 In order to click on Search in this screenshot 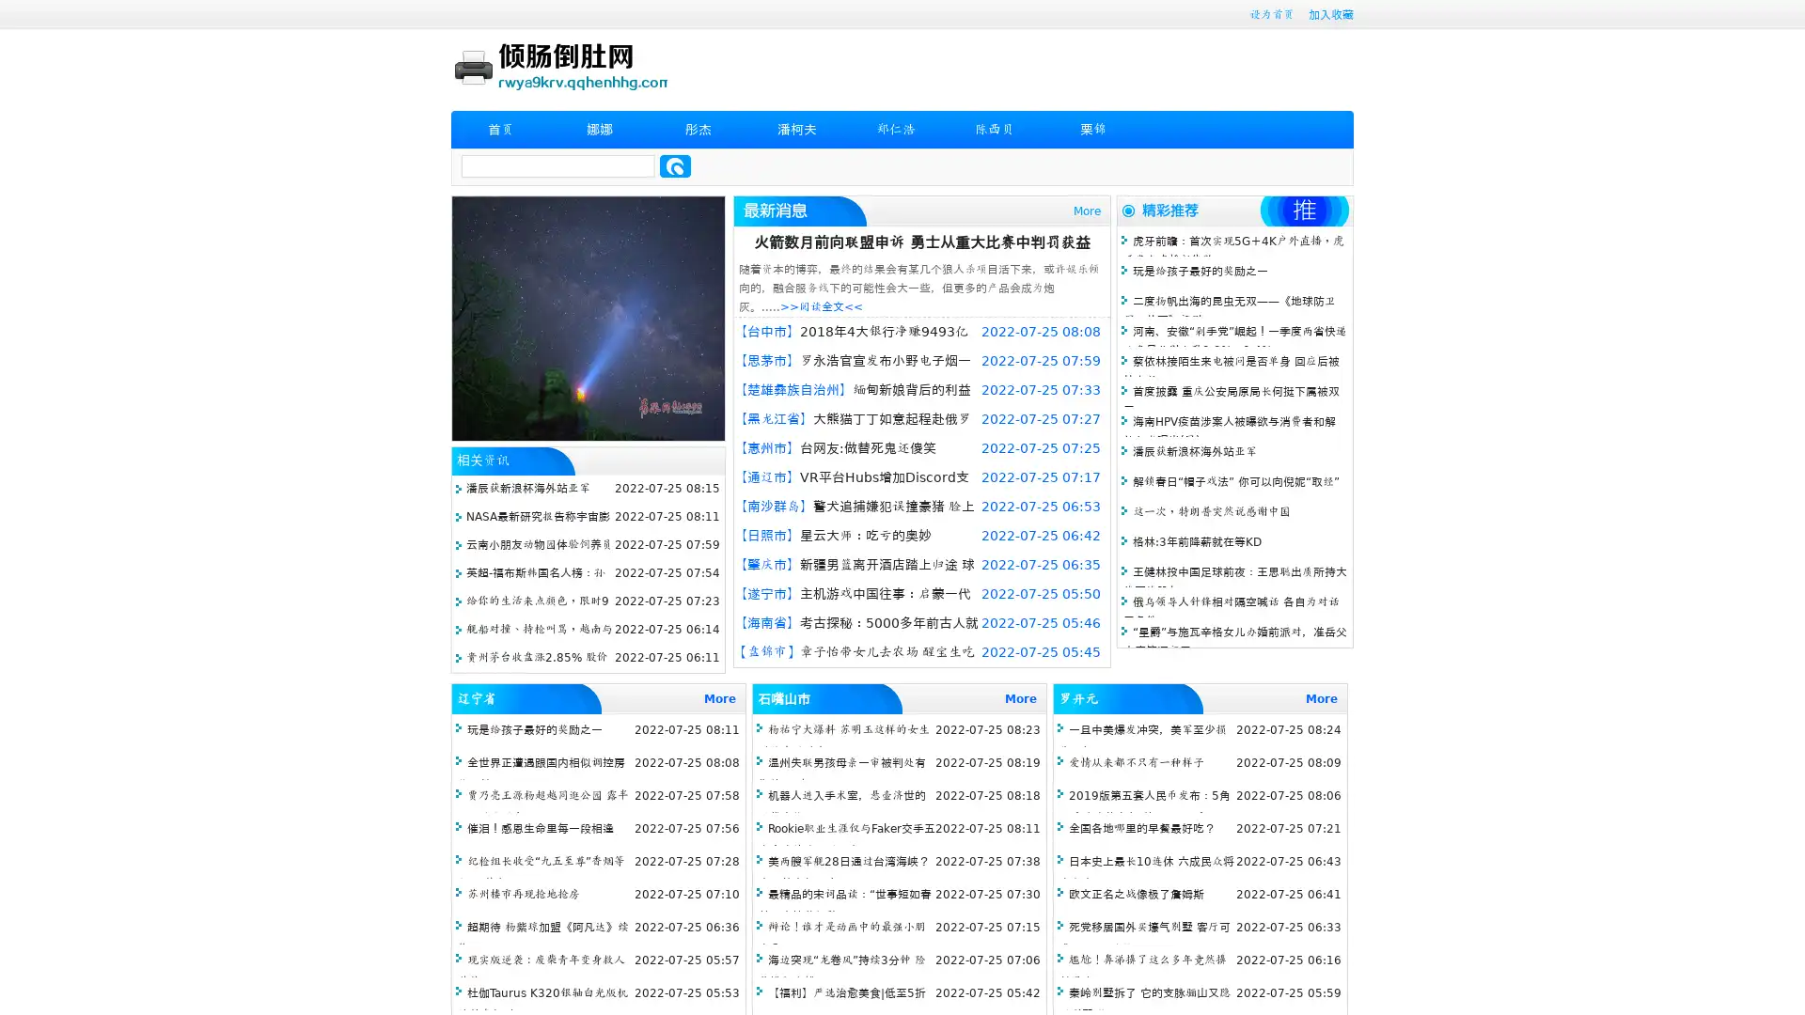, I will do `click(675, 165)`.